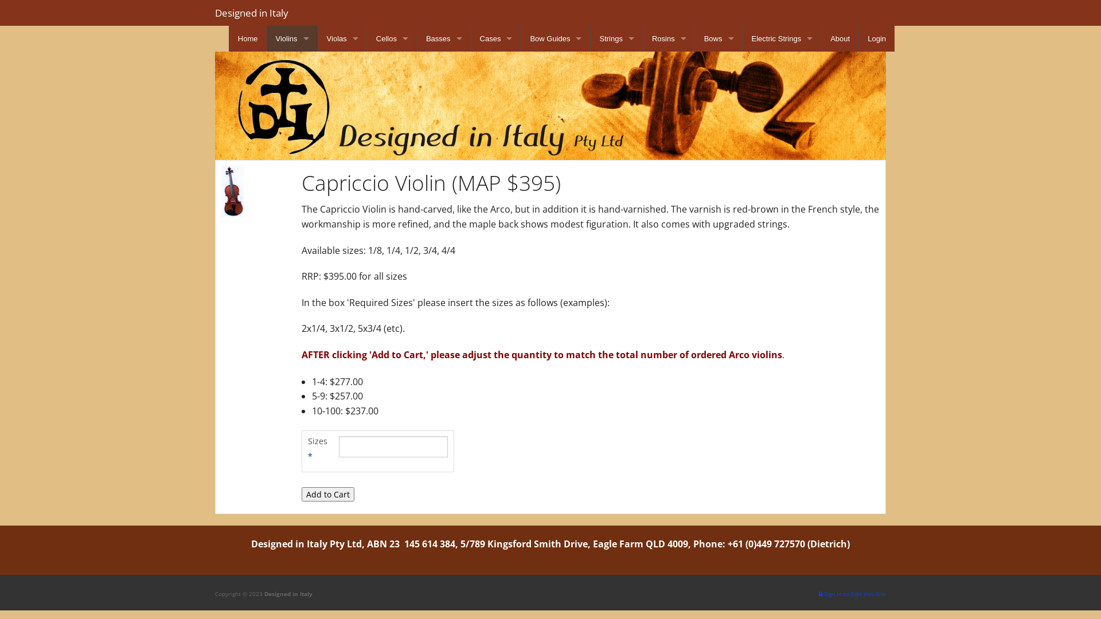  What do you see at coordinates (616, 38) in the screenshot?
I see `'Strings'` at bounding box center [616, 38].